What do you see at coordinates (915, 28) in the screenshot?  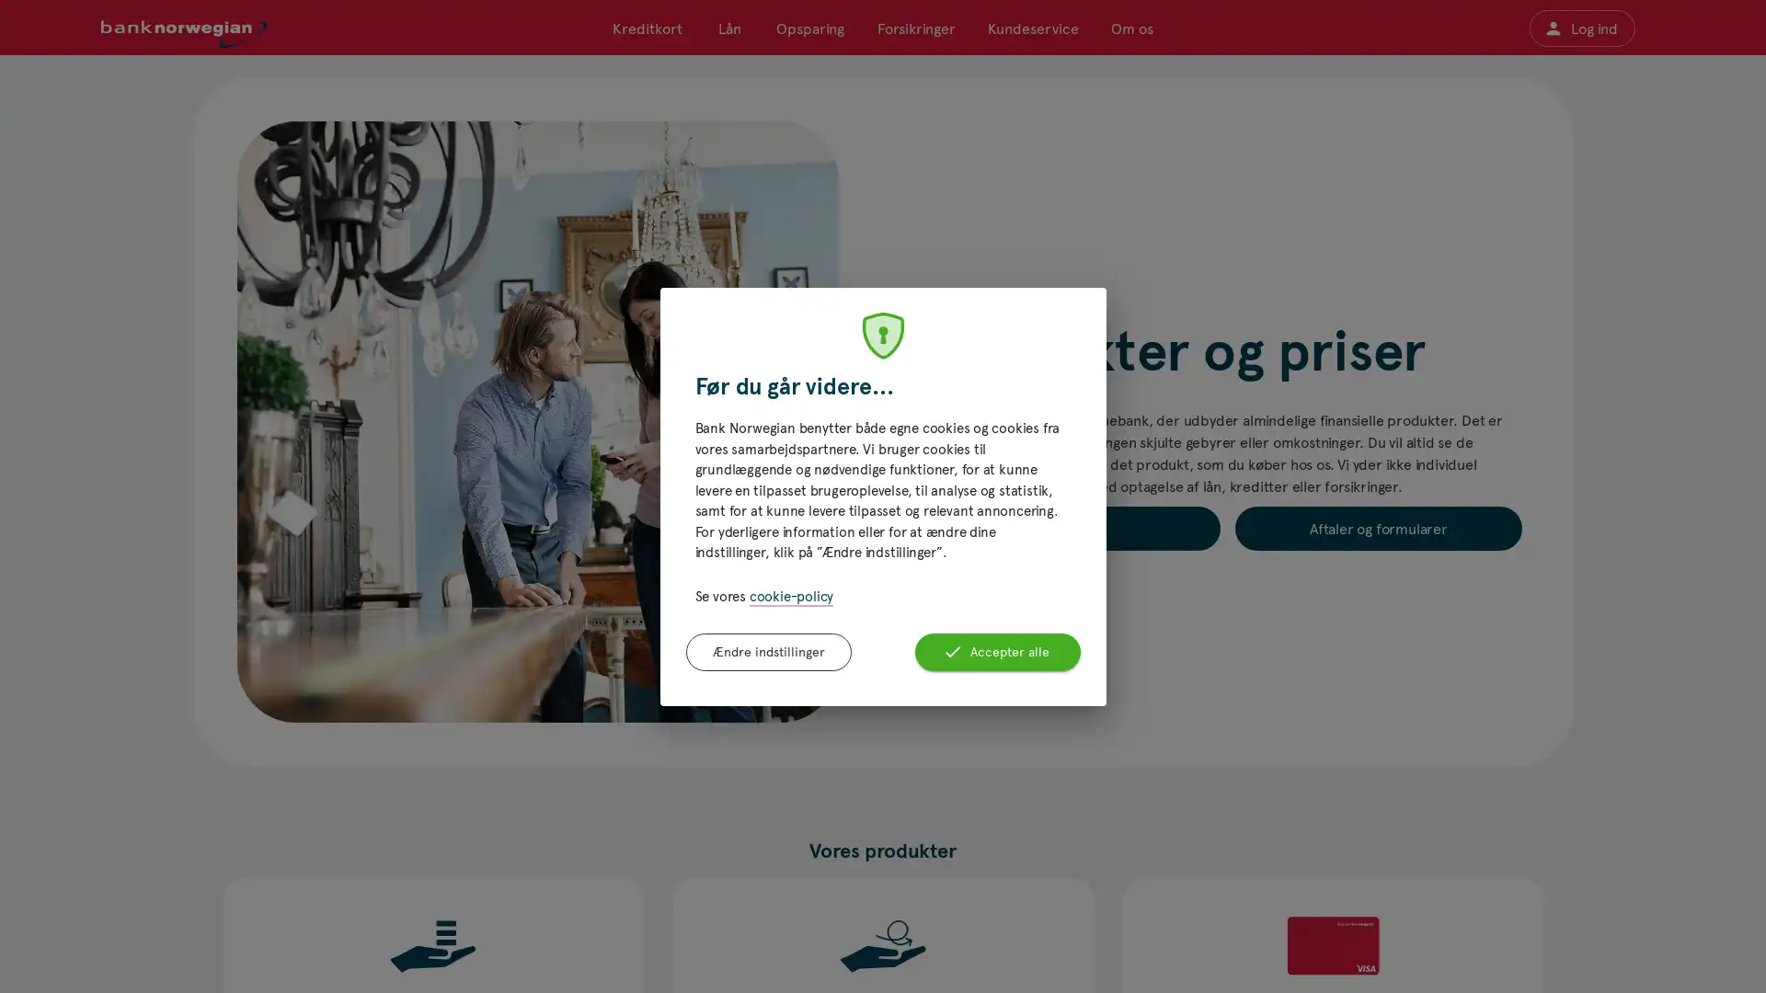 I see `Forsikringer` at bounding box center [915, 28].